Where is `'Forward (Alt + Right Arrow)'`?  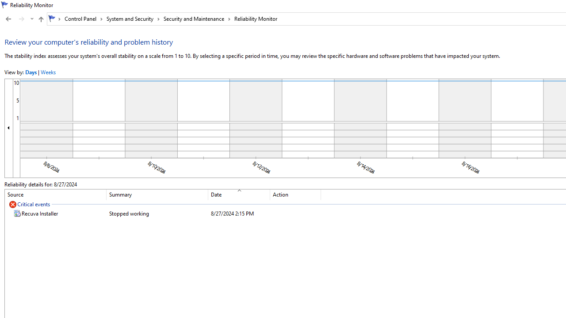 'Forward (Alt + Right Arrow)' is located at coordinates (22, 19).